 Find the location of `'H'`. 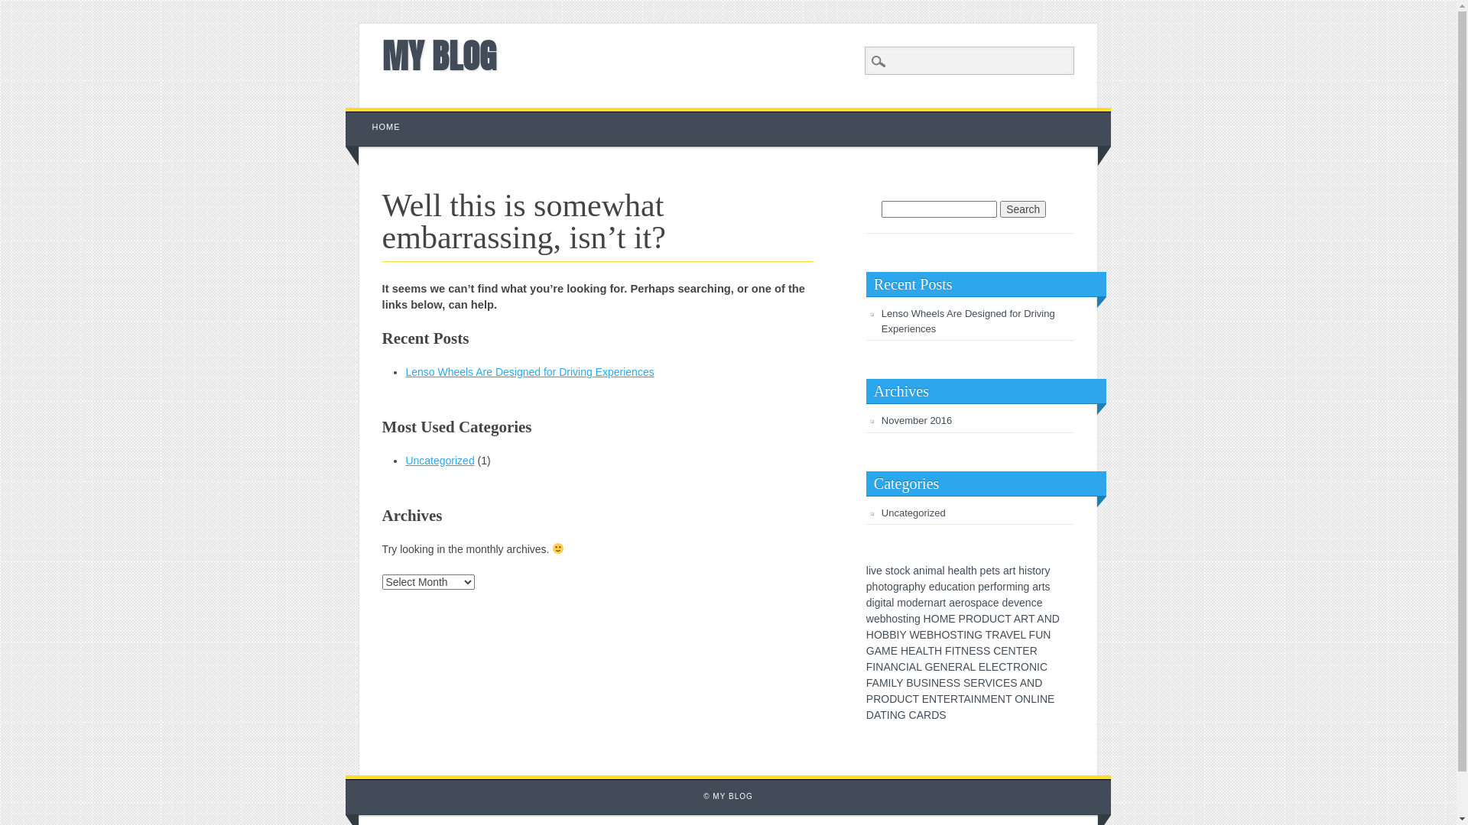

'H' is located at coordinates (927, 619).